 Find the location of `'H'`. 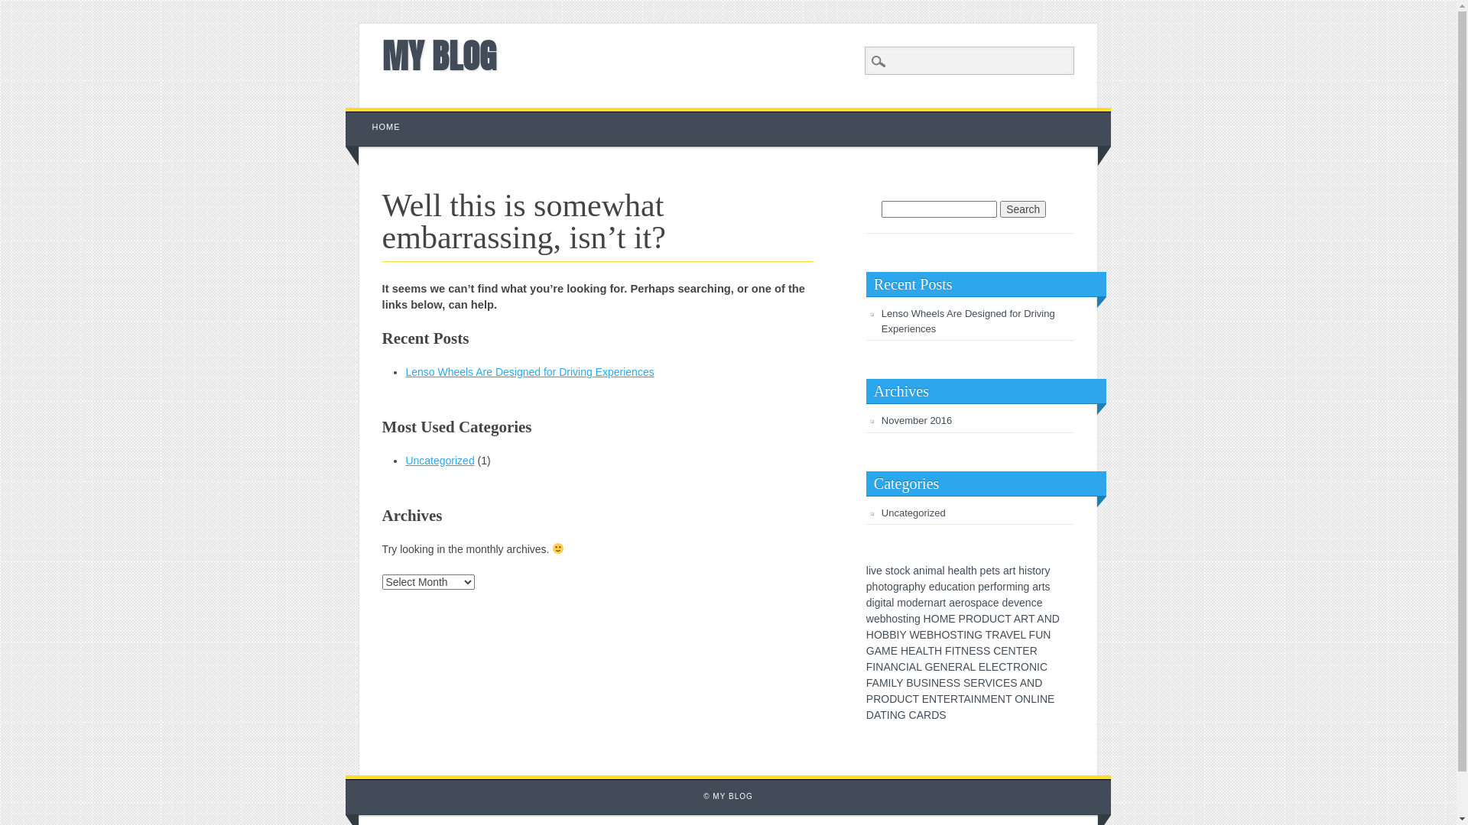

'H' is located at coordinates (927, 619).